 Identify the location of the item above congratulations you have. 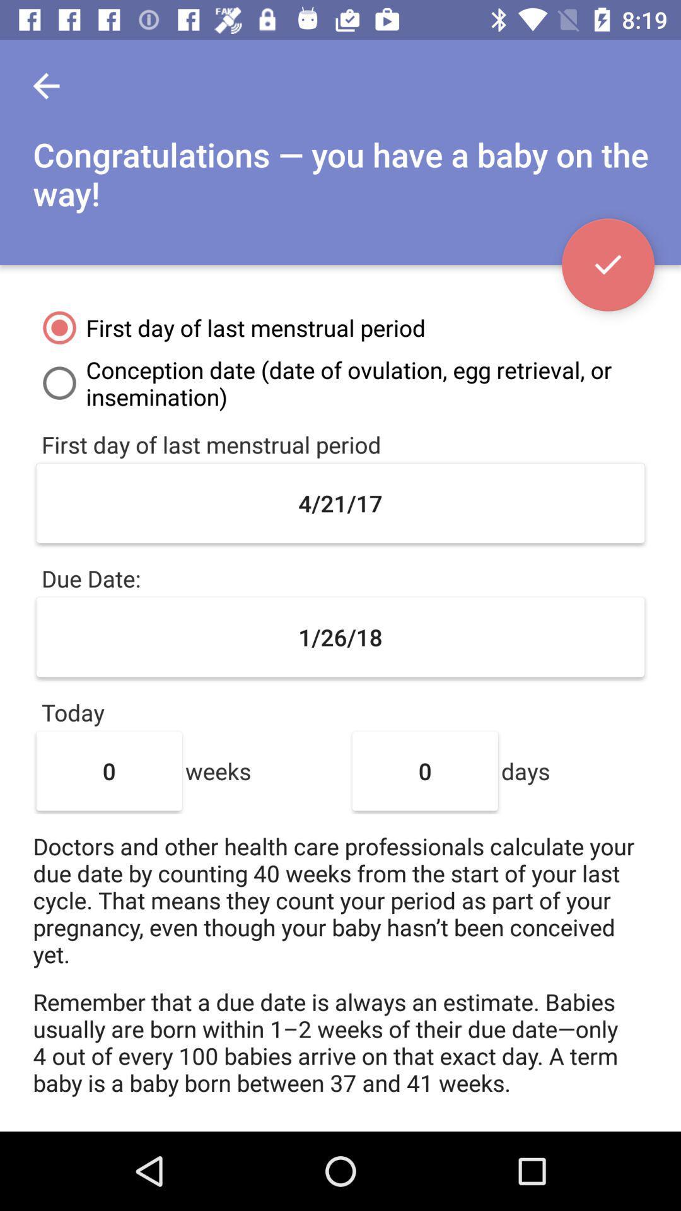
(45, 85).